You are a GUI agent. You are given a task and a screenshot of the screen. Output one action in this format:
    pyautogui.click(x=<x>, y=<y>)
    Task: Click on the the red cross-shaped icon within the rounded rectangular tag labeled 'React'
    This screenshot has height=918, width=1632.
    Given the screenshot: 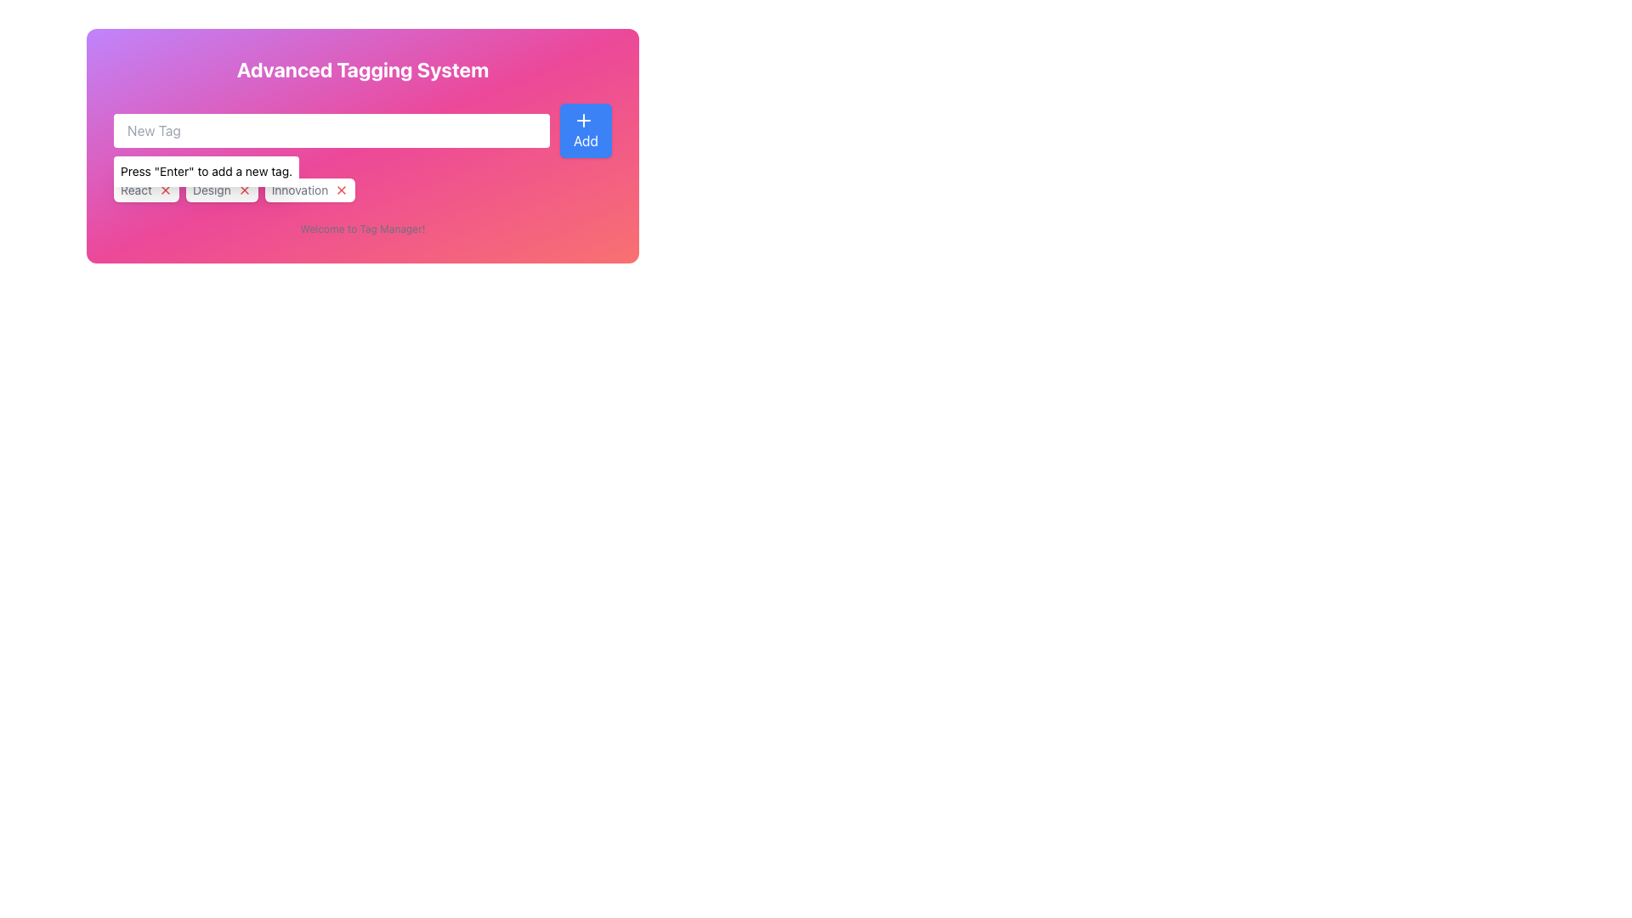 What is the action you would take?
    pyautogui.click(x=165, y=190)
    